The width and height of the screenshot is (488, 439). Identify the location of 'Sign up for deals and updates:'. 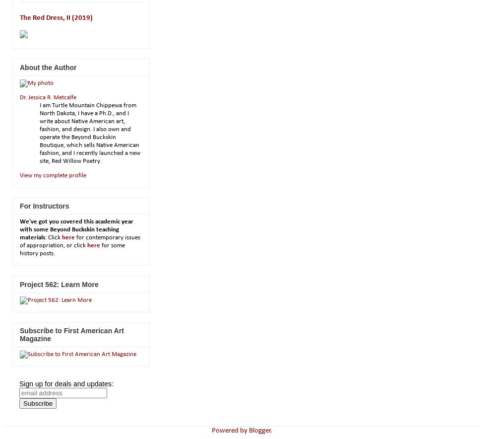
(66, 383).